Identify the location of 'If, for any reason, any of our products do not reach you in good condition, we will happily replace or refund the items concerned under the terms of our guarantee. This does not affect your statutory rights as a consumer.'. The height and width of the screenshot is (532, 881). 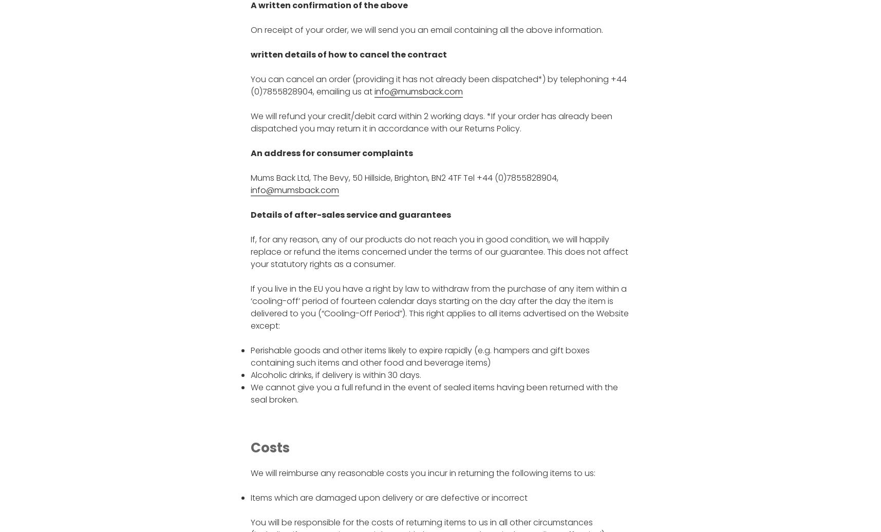
(438, 252).